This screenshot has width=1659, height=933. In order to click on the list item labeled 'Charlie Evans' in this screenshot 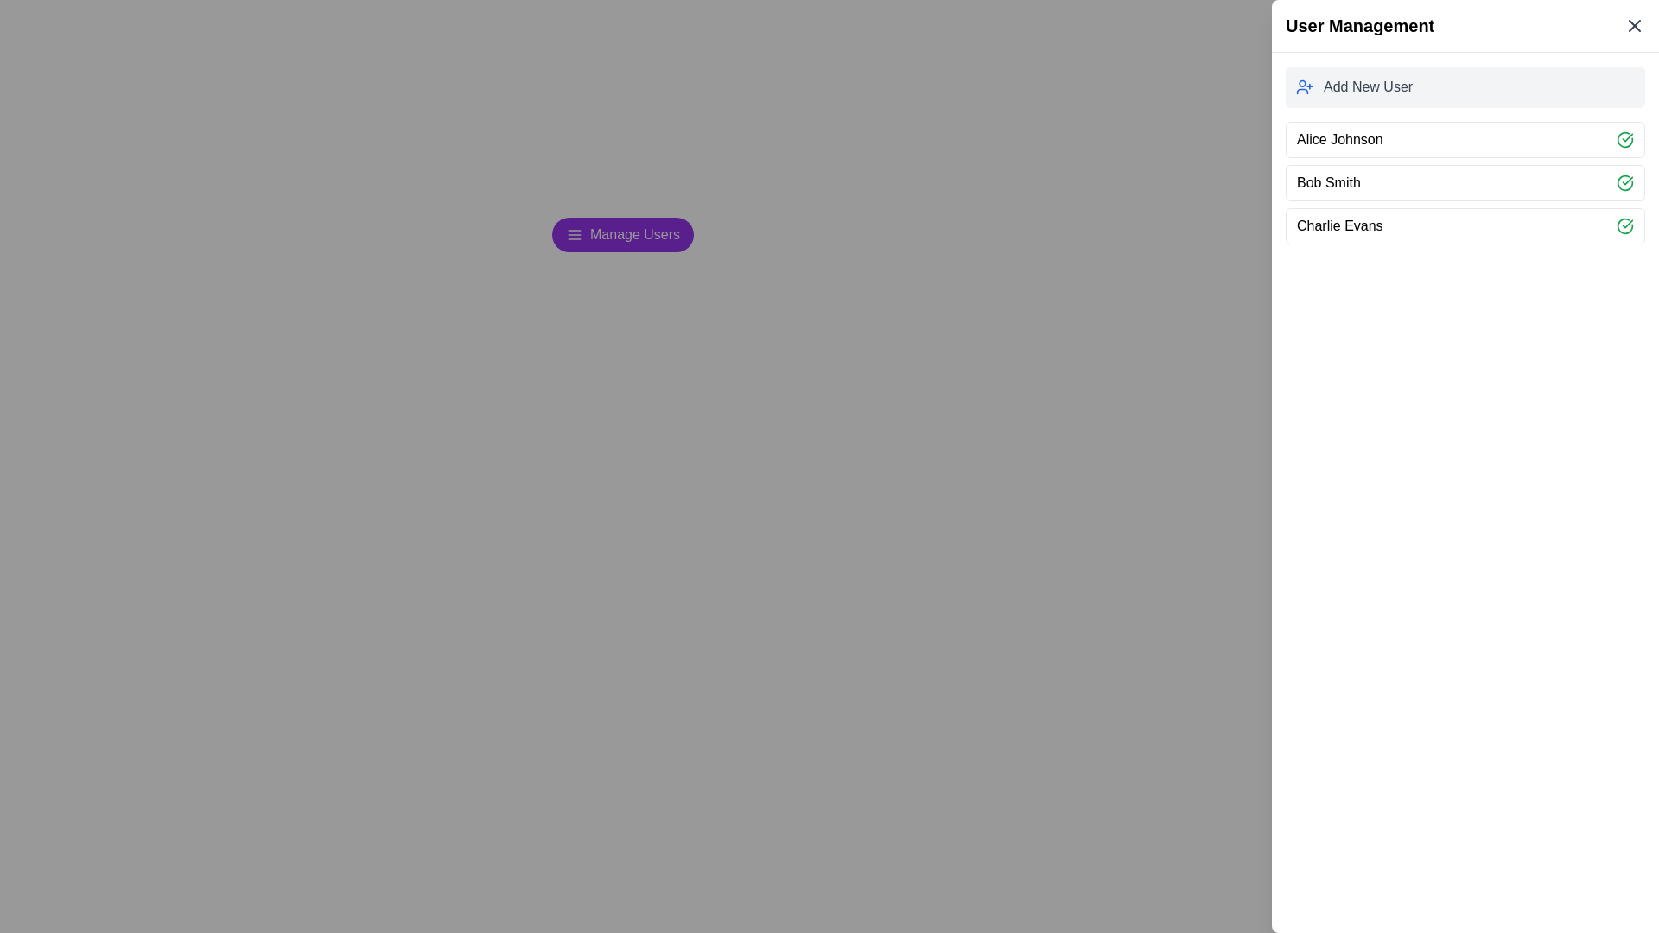, I will do `click(1464, 225)`.